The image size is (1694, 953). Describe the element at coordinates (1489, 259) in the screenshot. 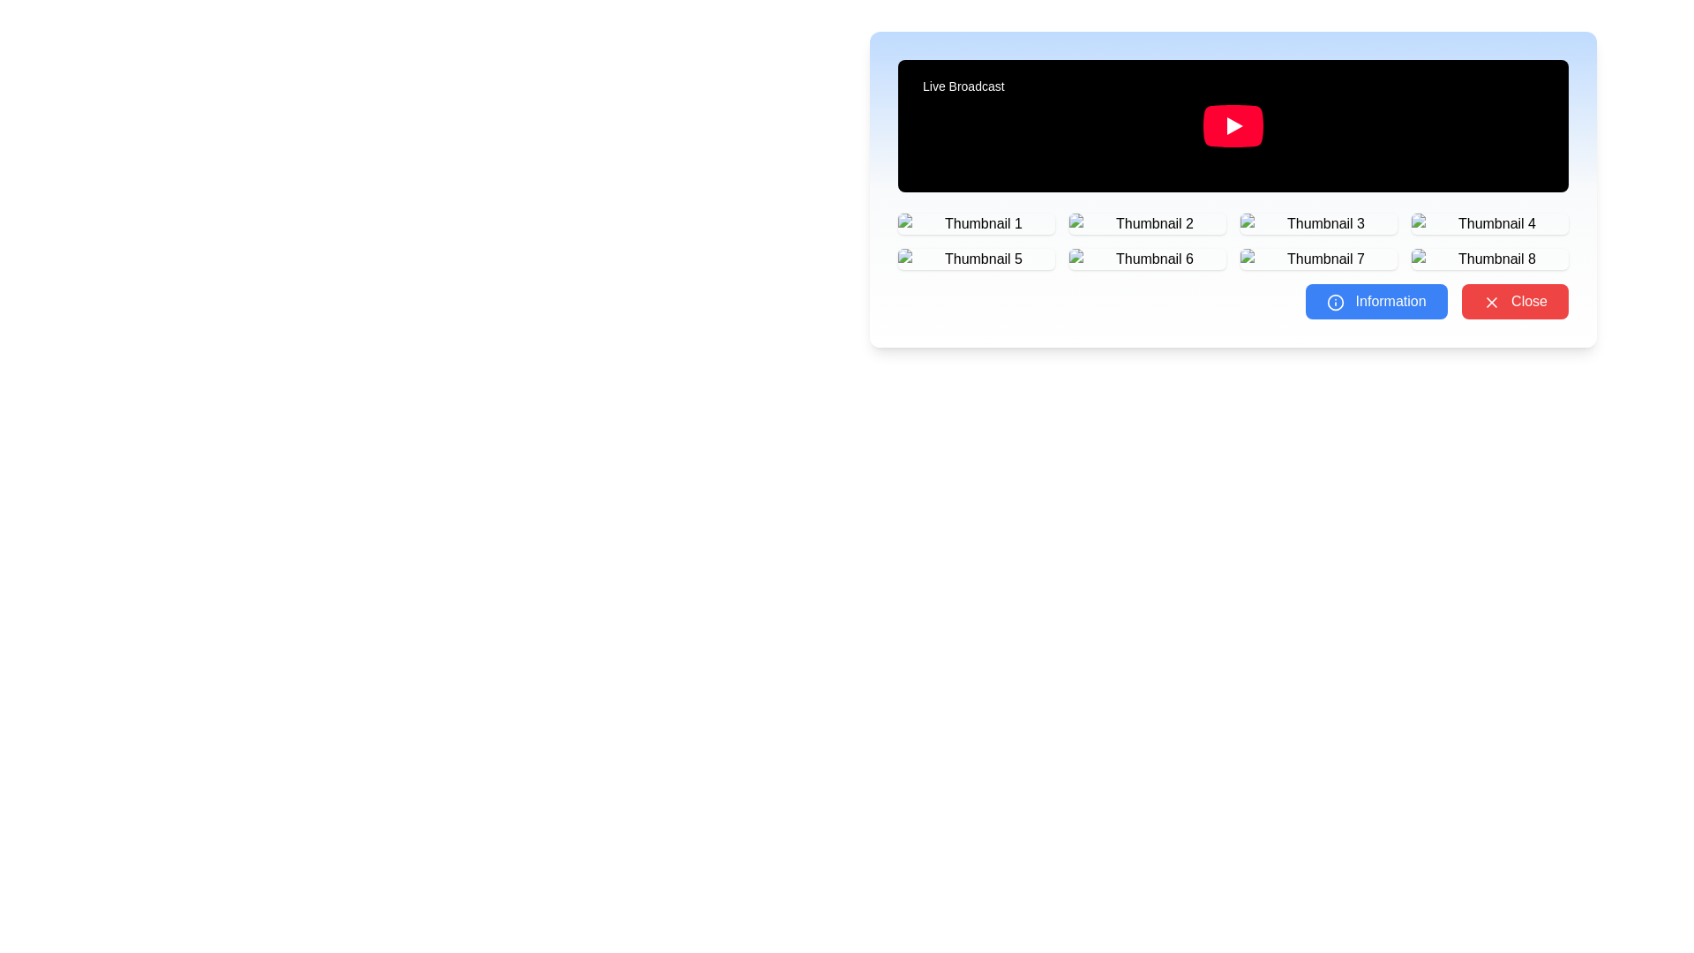

I see `the Interactive thumbnail preview labeled 'Thumbnail 8' located at the 8th position in a 4-column grid layout below the video player` at that location.